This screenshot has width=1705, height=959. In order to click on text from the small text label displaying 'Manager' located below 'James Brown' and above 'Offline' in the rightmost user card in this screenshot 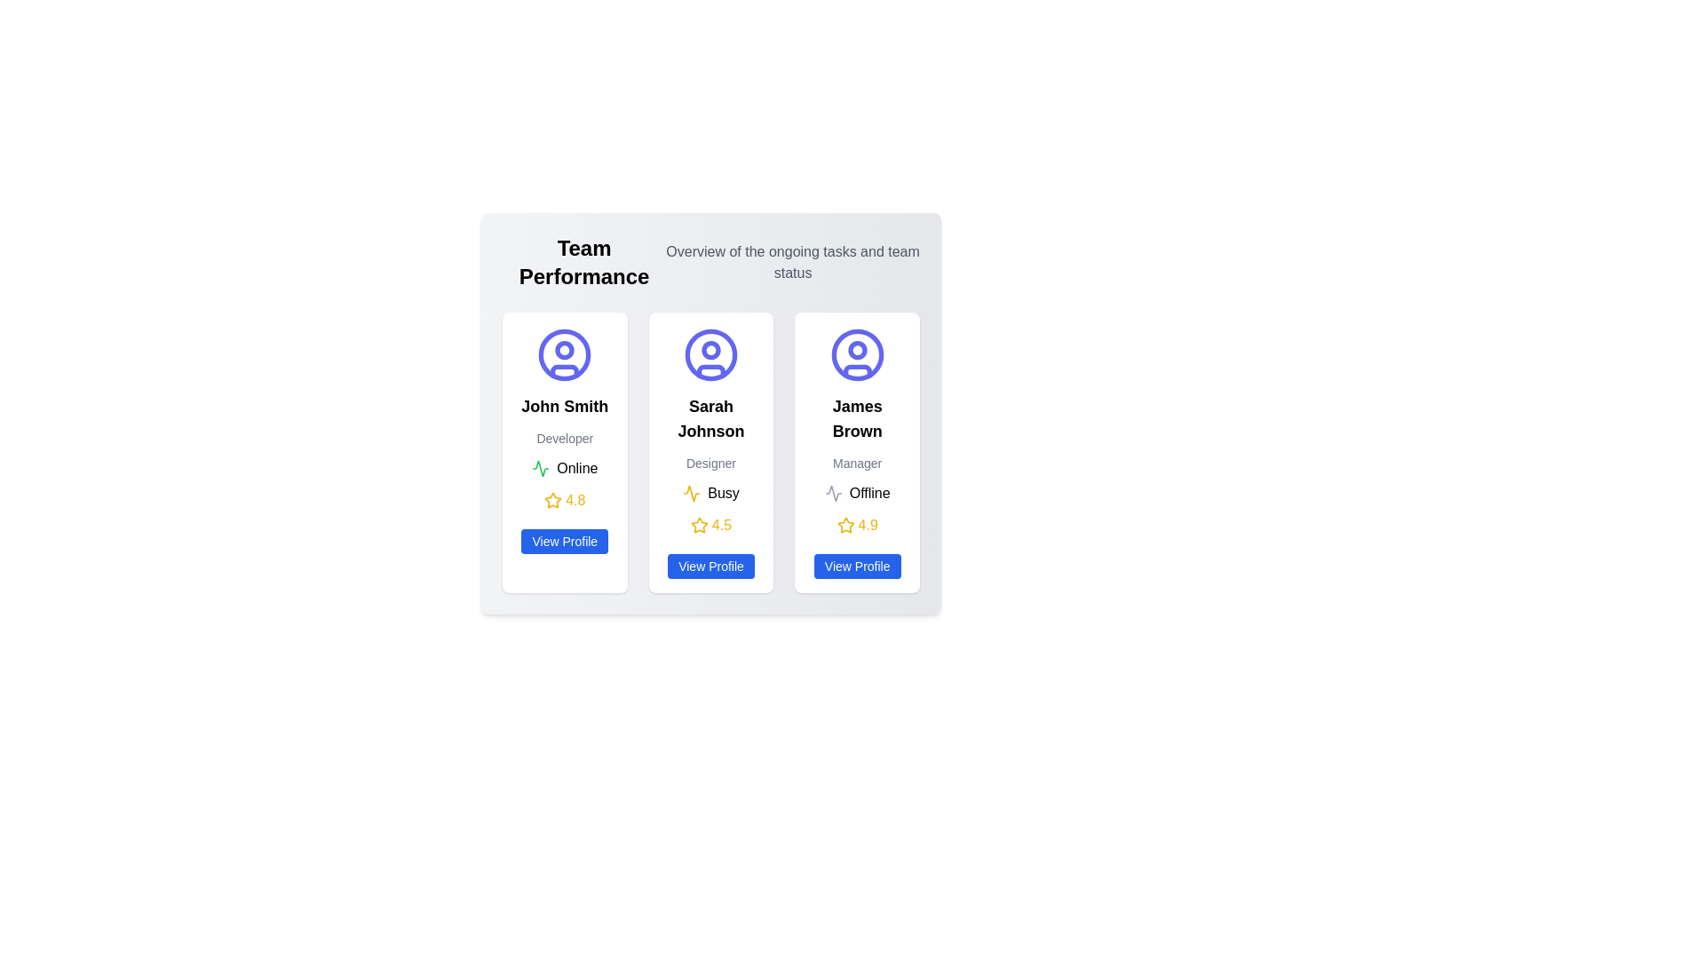, I will do `click(857, 462)`.